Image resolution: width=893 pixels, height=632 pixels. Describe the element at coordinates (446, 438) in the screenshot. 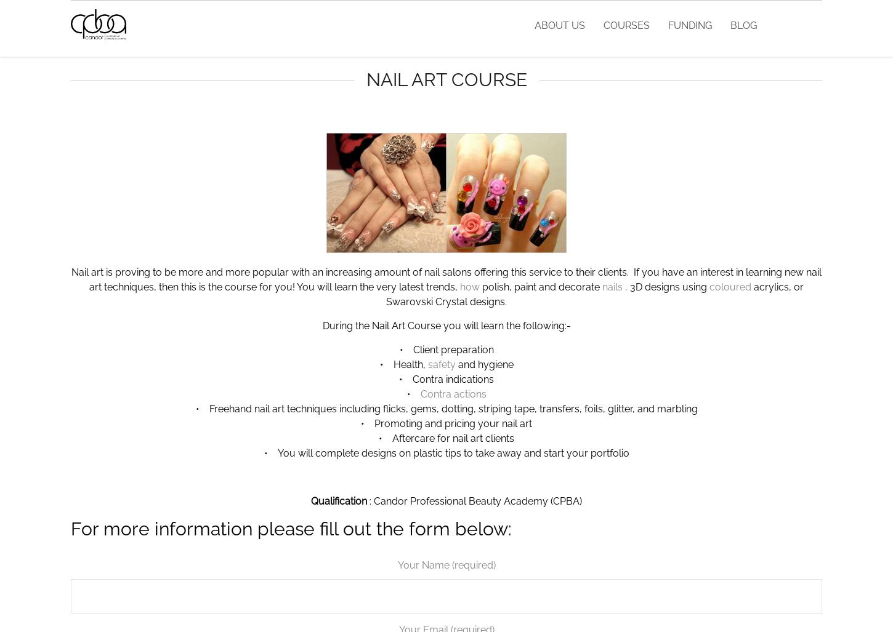

I see `'•    Aftercare for nail art clients'` at that location.